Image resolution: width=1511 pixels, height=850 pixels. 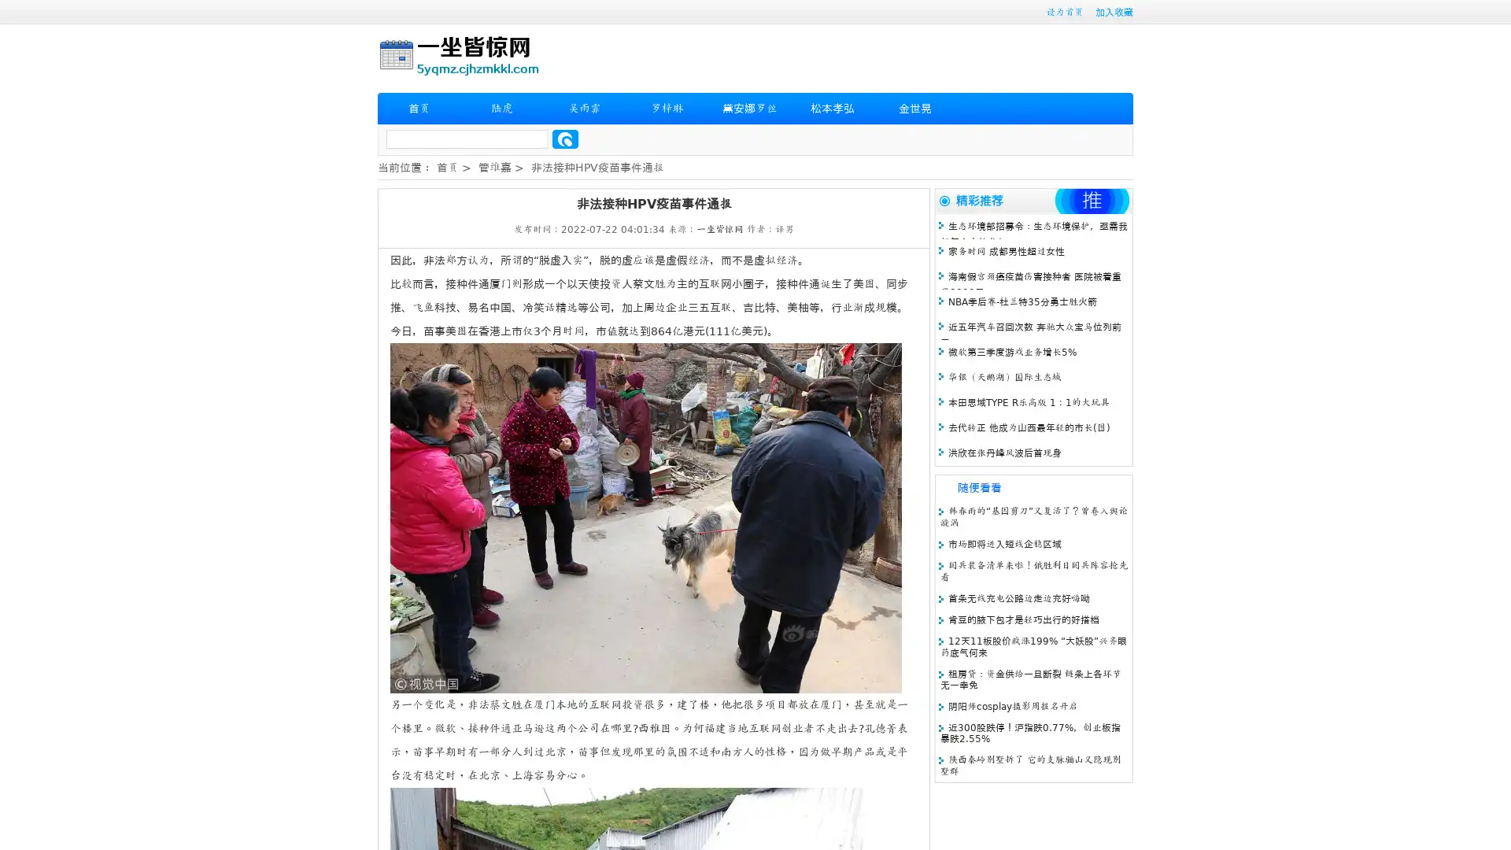 What do you see at coordinates (565, 139) in the screenshot?
I see `Search` at bounding box center [565, 139].